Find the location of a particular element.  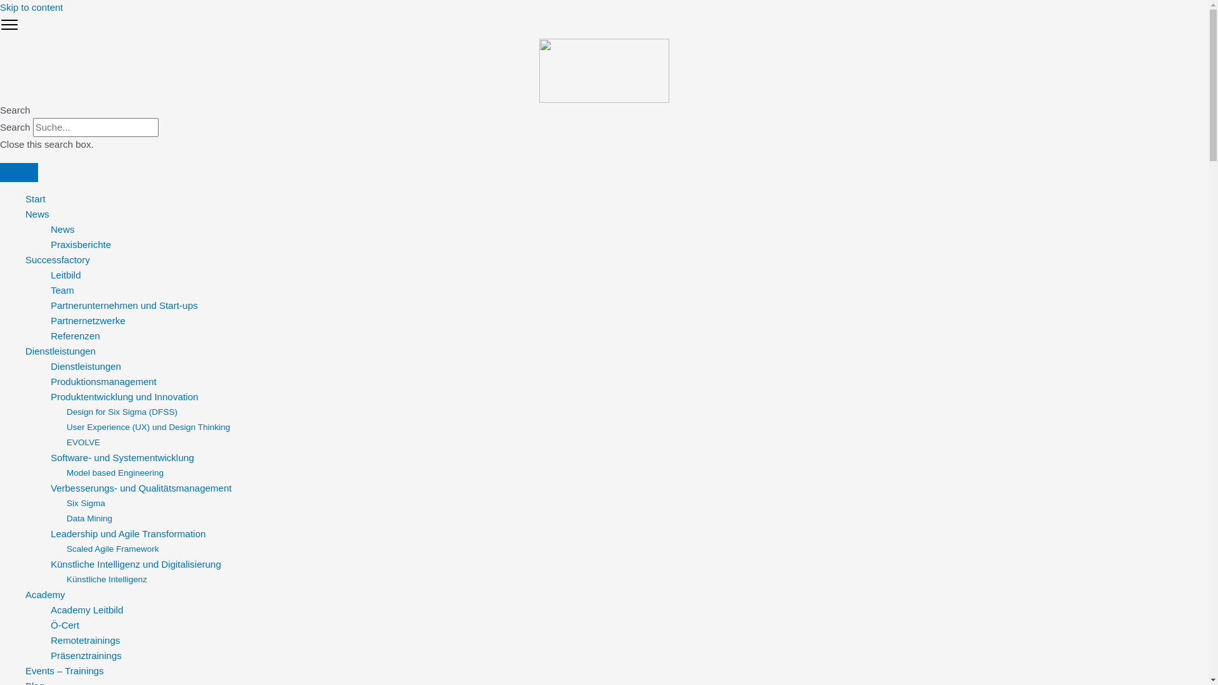

'Referenzen' is located at coordinates (75, 335).